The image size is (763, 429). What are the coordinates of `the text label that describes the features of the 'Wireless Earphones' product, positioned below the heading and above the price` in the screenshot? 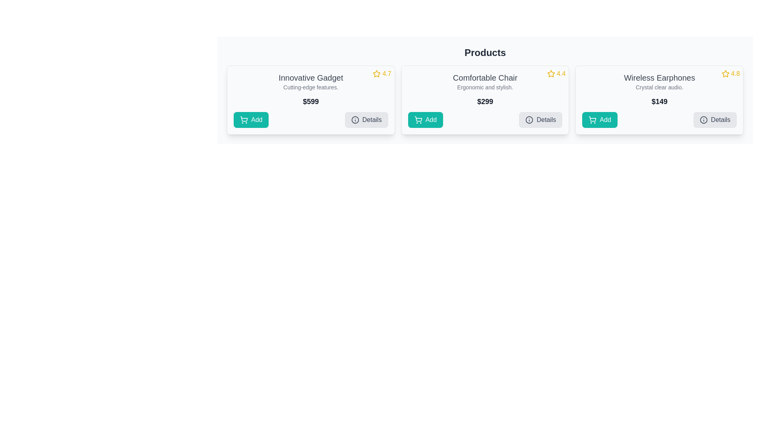 It's located at (659, 87).